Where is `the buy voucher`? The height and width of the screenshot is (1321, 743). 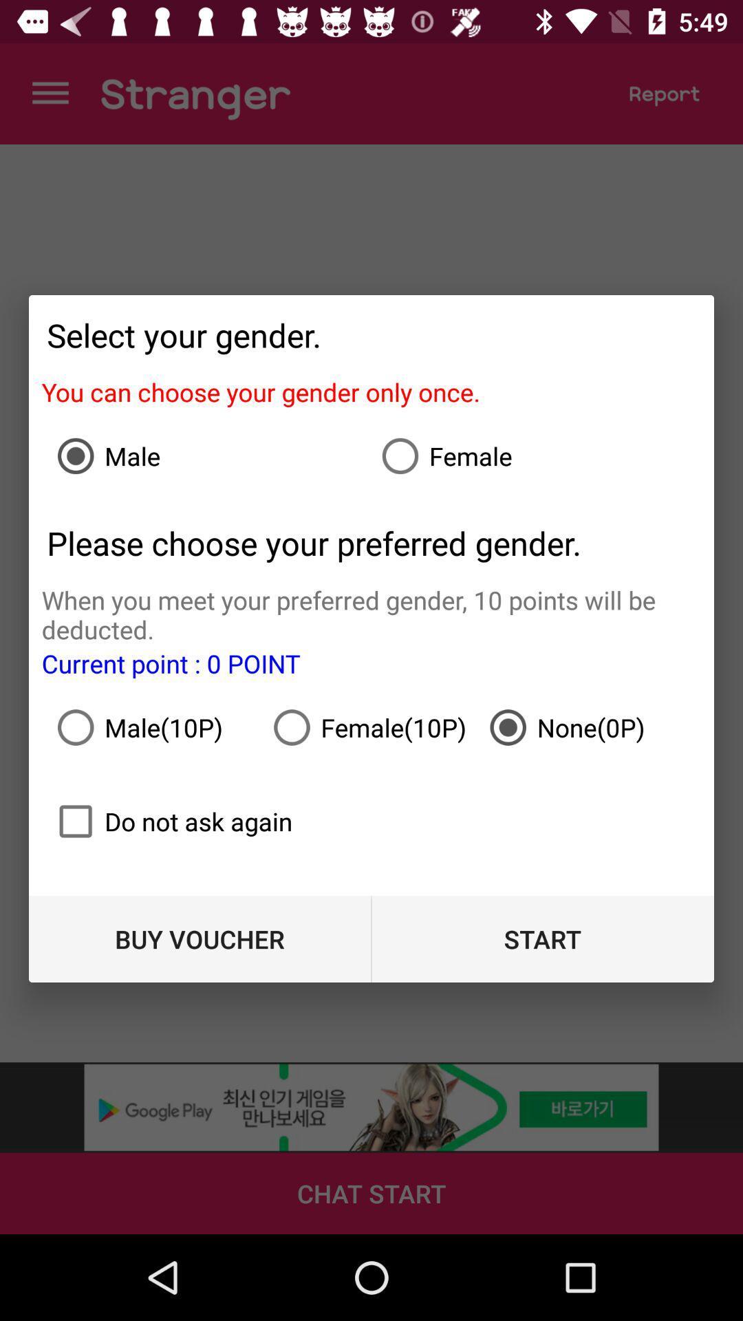 the buy voucher is located at coordinates (200, 938).